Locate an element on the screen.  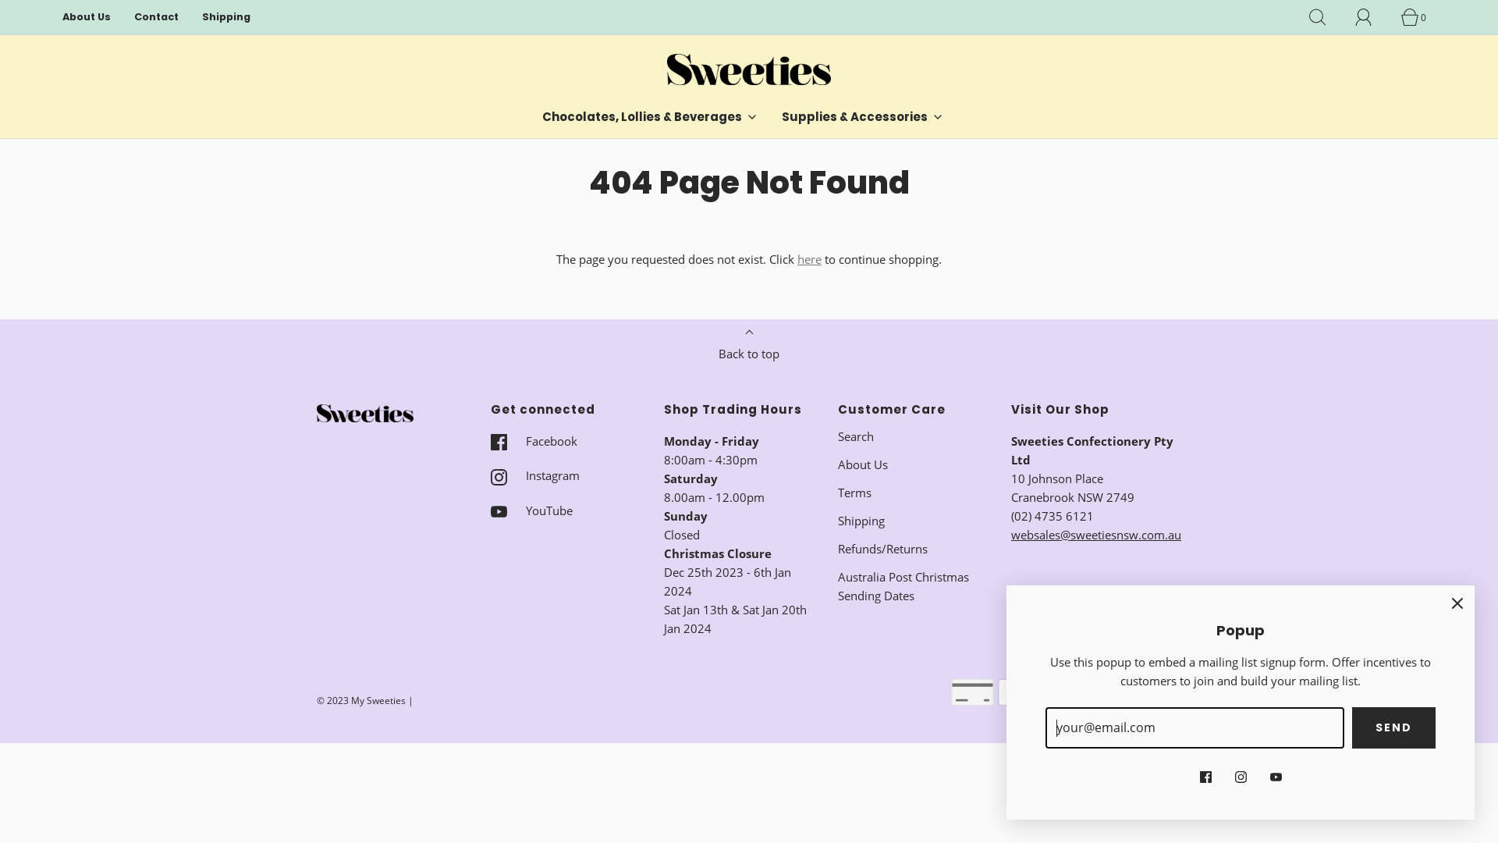
'Search' is located at coordinates (855, 436).